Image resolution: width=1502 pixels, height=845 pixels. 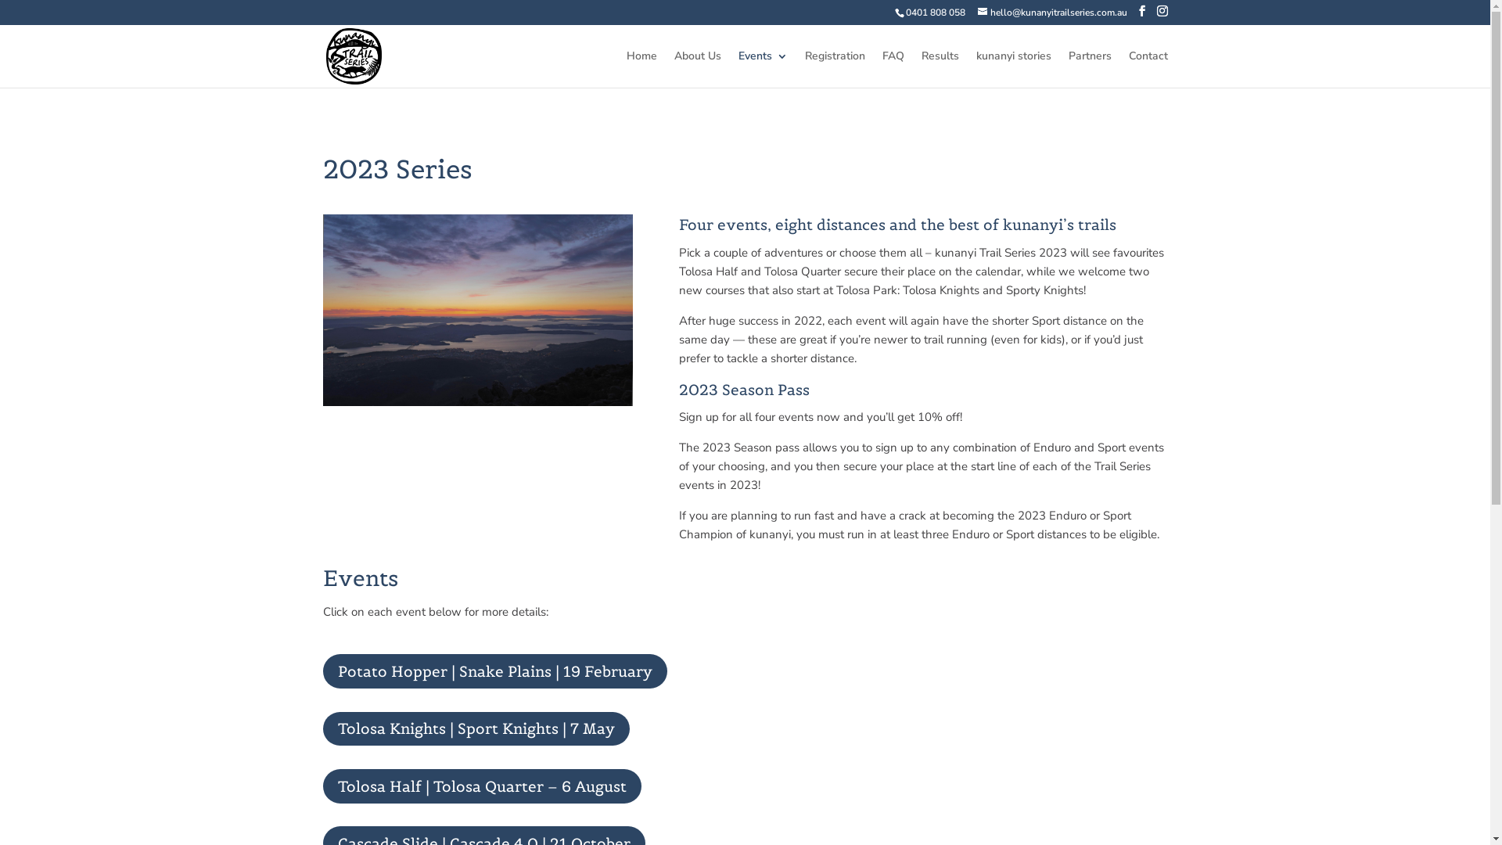 I want to click on 'Results', so click(x=939, y=68).